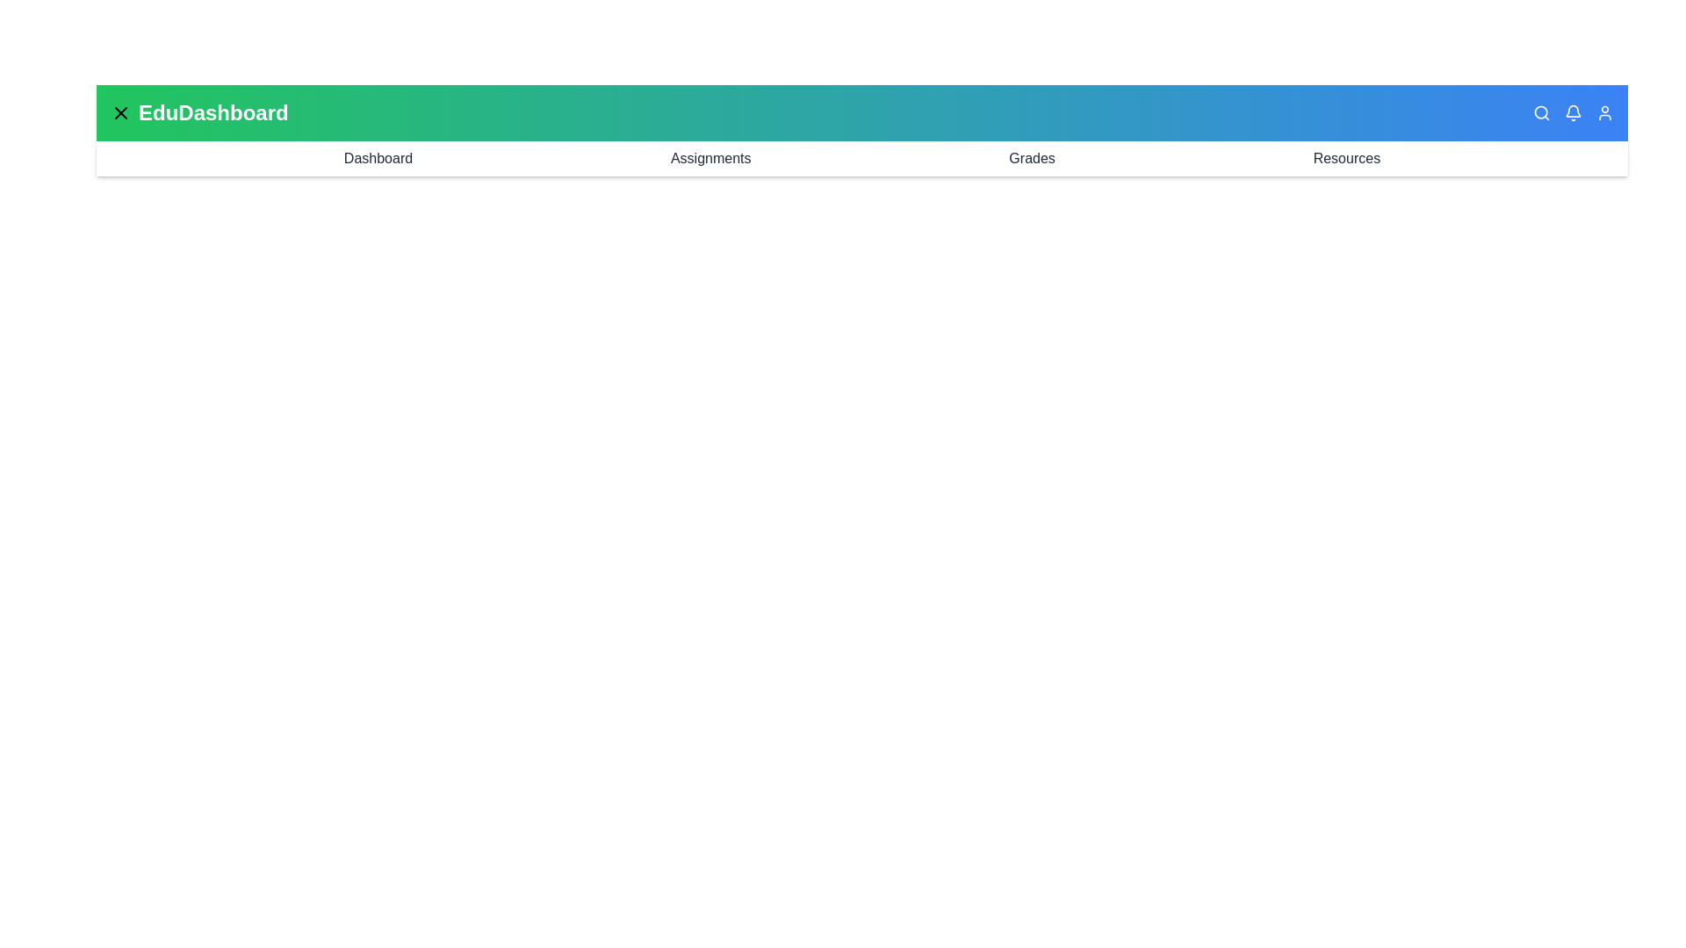  I want to click on the title text 'EduDashboard' to inspect its properties, so click(213, 112).